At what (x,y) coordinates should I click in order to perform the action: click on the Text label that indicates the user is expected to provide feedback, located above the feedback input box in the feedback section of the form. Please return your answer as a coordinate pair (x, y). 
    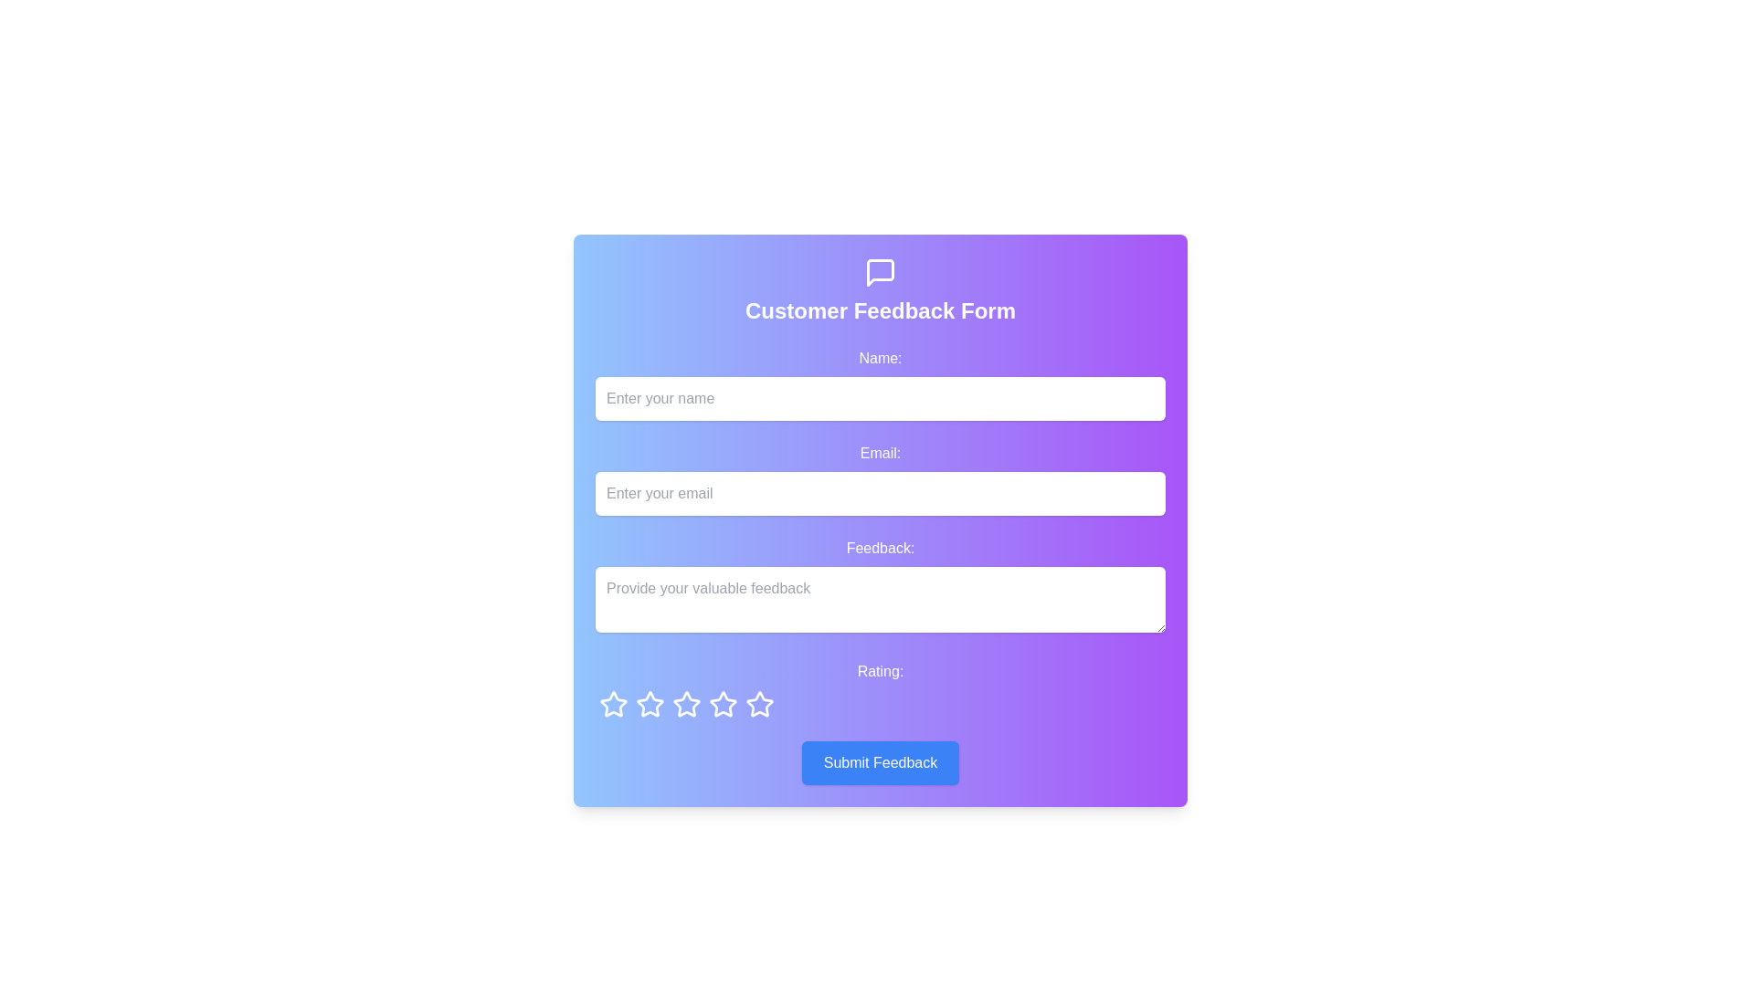
    Looking at the image, I should click on (881, 548).